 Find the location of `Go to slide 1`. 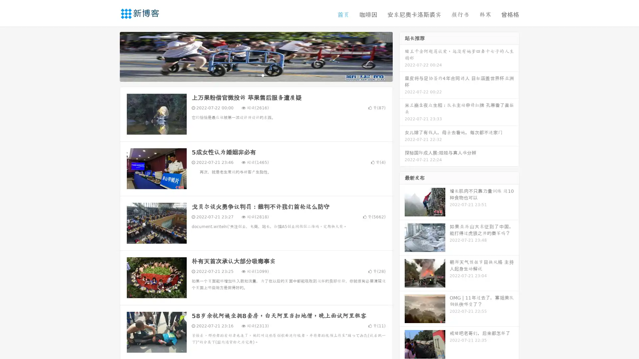

Go to slide 1 is located at coordinates (249, 75).